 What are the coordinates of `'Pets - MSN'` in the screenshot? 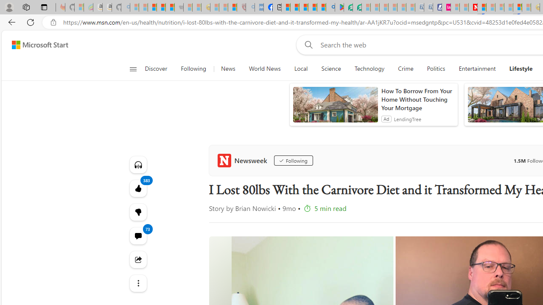 It's located at (312, 7).